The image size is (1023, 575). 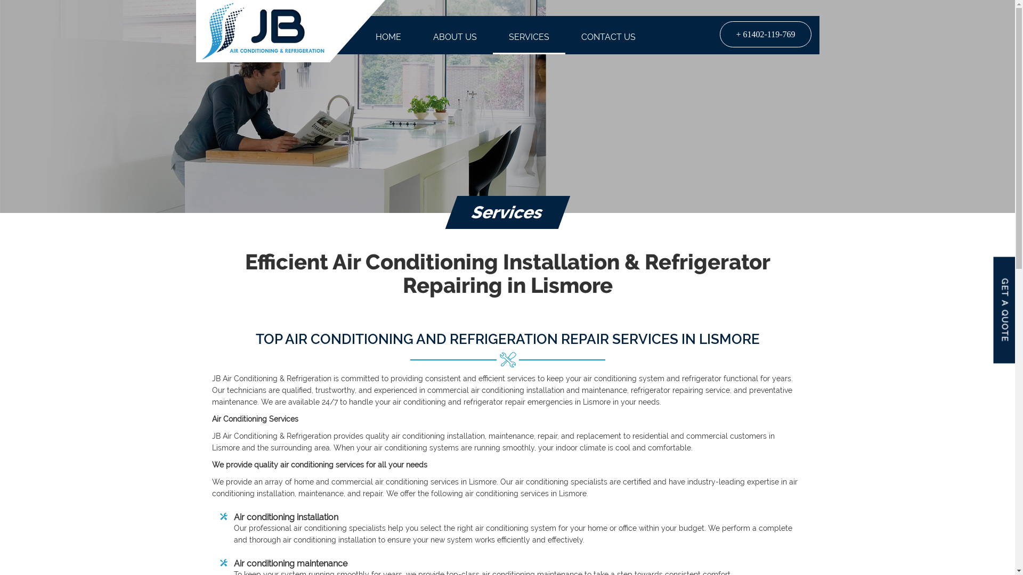 What do you see at coordinates (765, 34) in the screenshot?
I see `'+ 61402-119-769'` at bounding box center [765, 34].